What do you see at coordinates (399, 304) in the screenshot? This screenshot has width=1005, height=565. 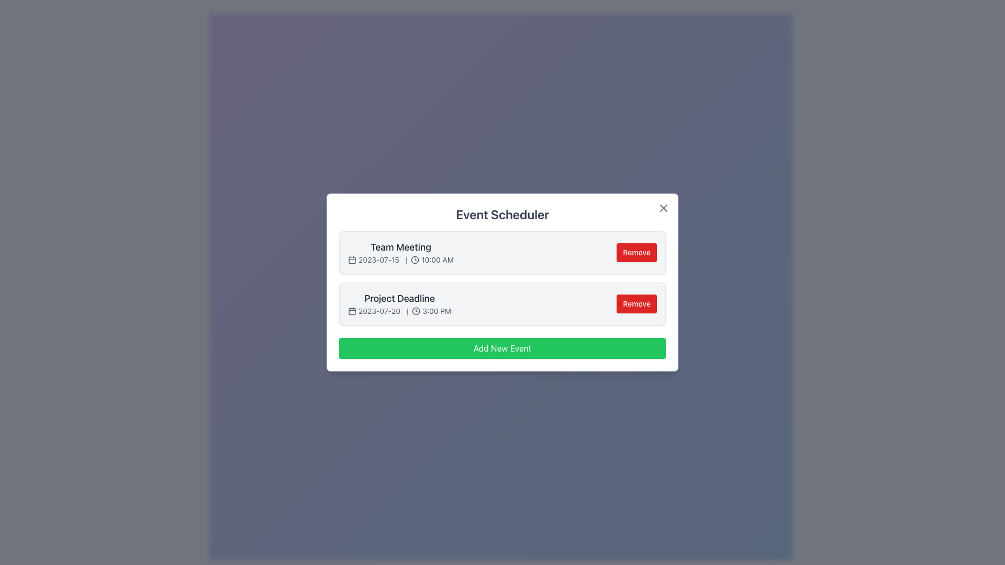 I see `text in the informational block displaying the event titled 'Project Deadline' with the date '2023-07-20' and time '3:00 PM', located in the second row of events within a white, rounded box` at bounding box center [399, 304].